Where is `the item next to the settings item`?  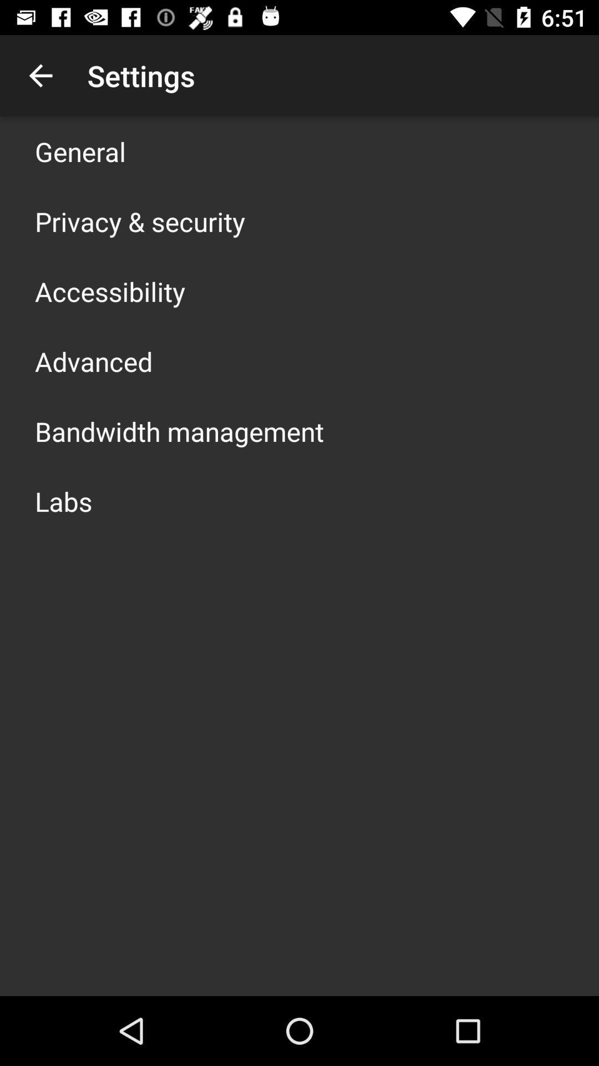
the item next to the settings item is located at coordinates (40, 75).